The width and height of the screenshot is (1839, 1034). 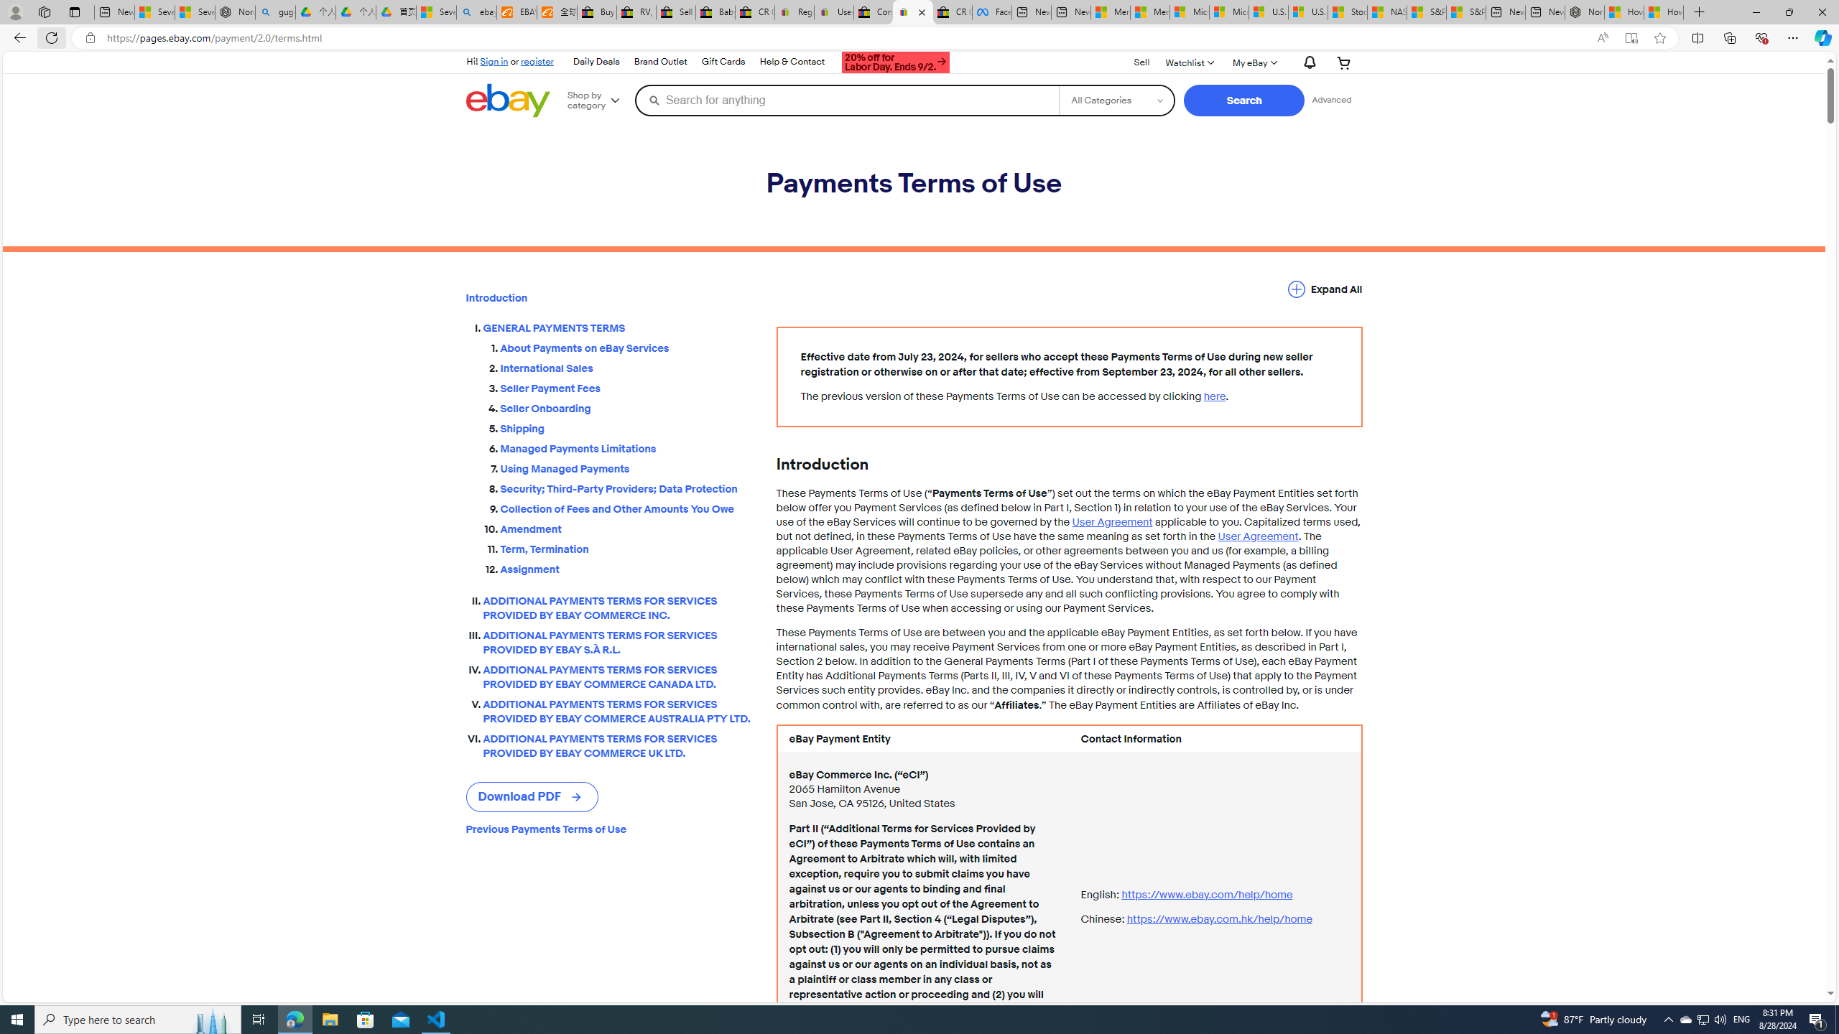 What do you see at coordinates (913, 11) in the screenshot?
I see `'Payments Terms of Use | eBay.com'` at bounding box center [913, 11].